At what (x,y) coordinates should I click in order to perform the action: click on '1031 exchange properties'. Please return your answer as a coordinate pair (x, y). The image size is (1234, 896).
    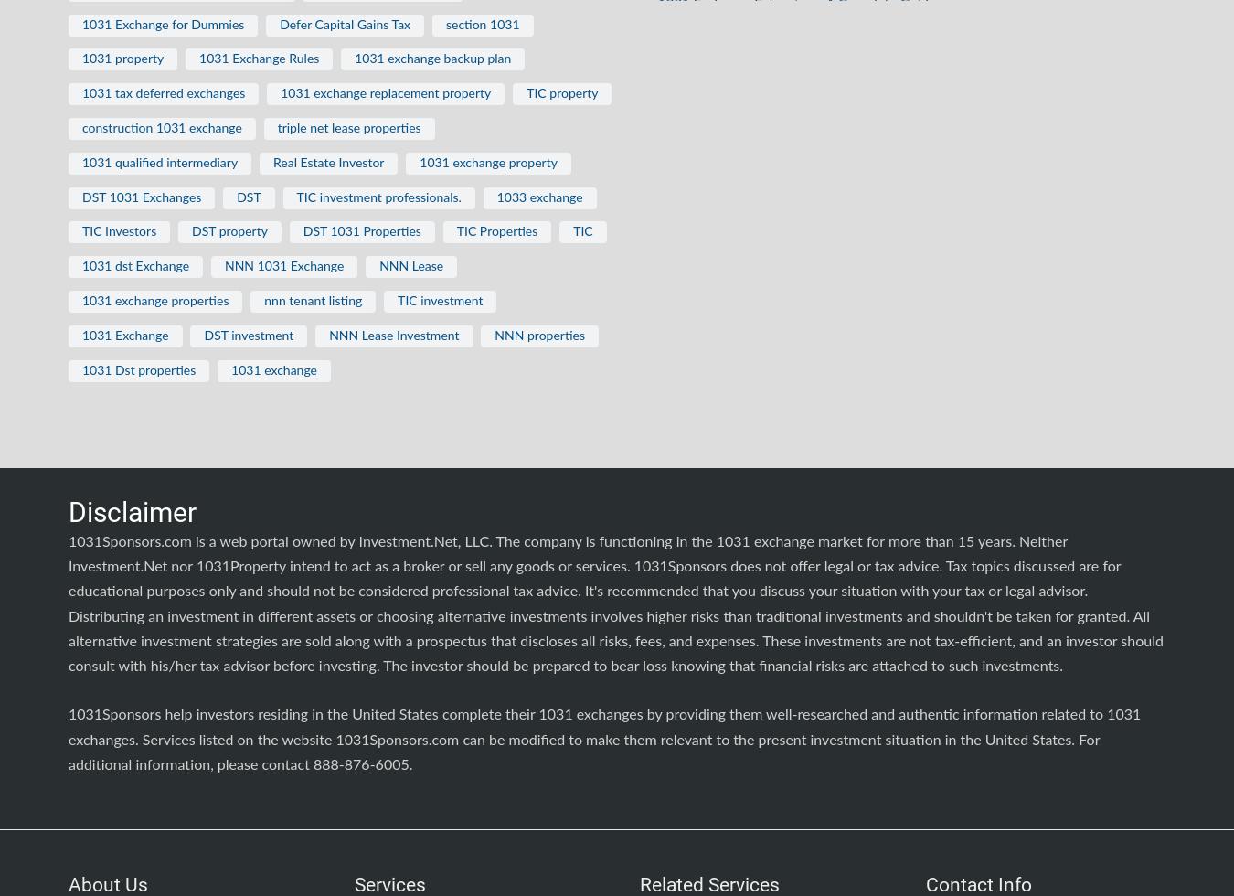
    Looking at the image, I should click on (154, 301).